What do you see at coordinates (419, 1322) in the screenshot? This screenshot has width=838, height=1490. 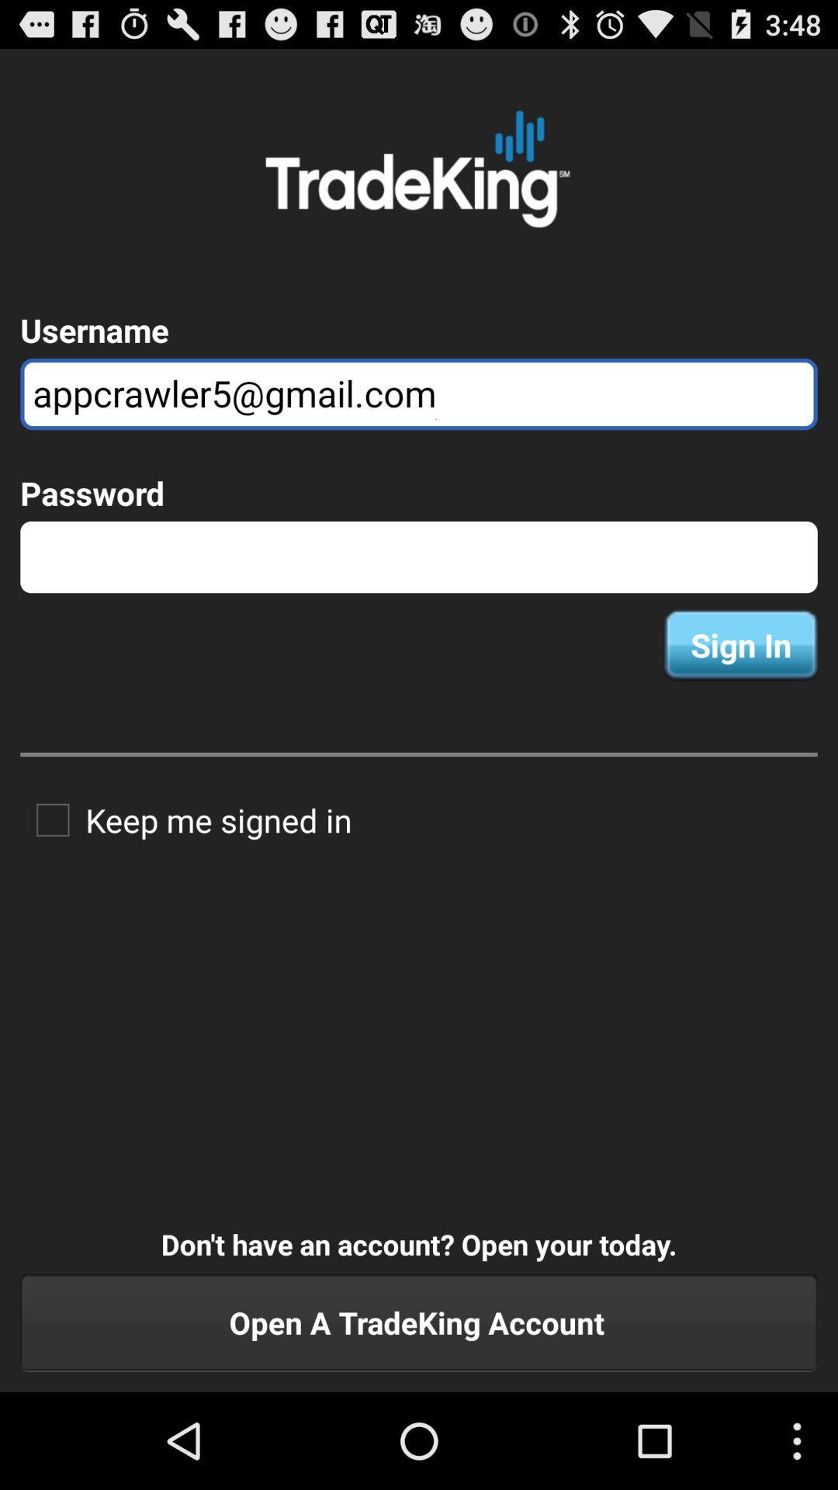 I see `icon below don t have` at bounding box center [419, 1322].